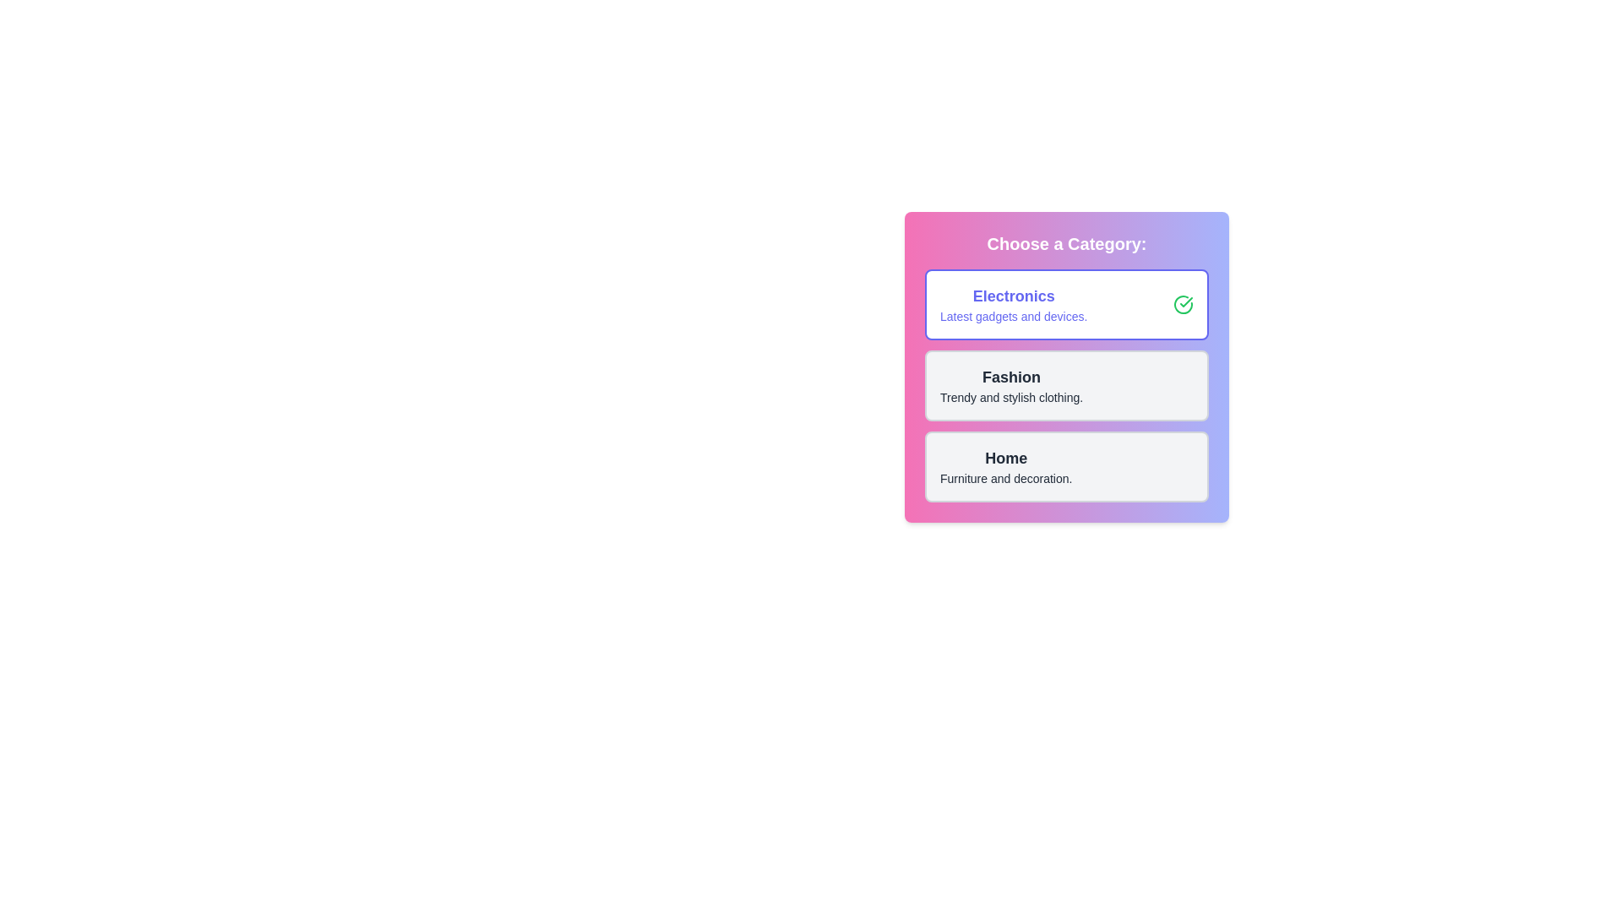 The width and height of the screenshot is (1622, 912). I want to click on the 'Electronics' selection panel, which features a blue border, white background, and a check mark icon, so click(1065, 305).